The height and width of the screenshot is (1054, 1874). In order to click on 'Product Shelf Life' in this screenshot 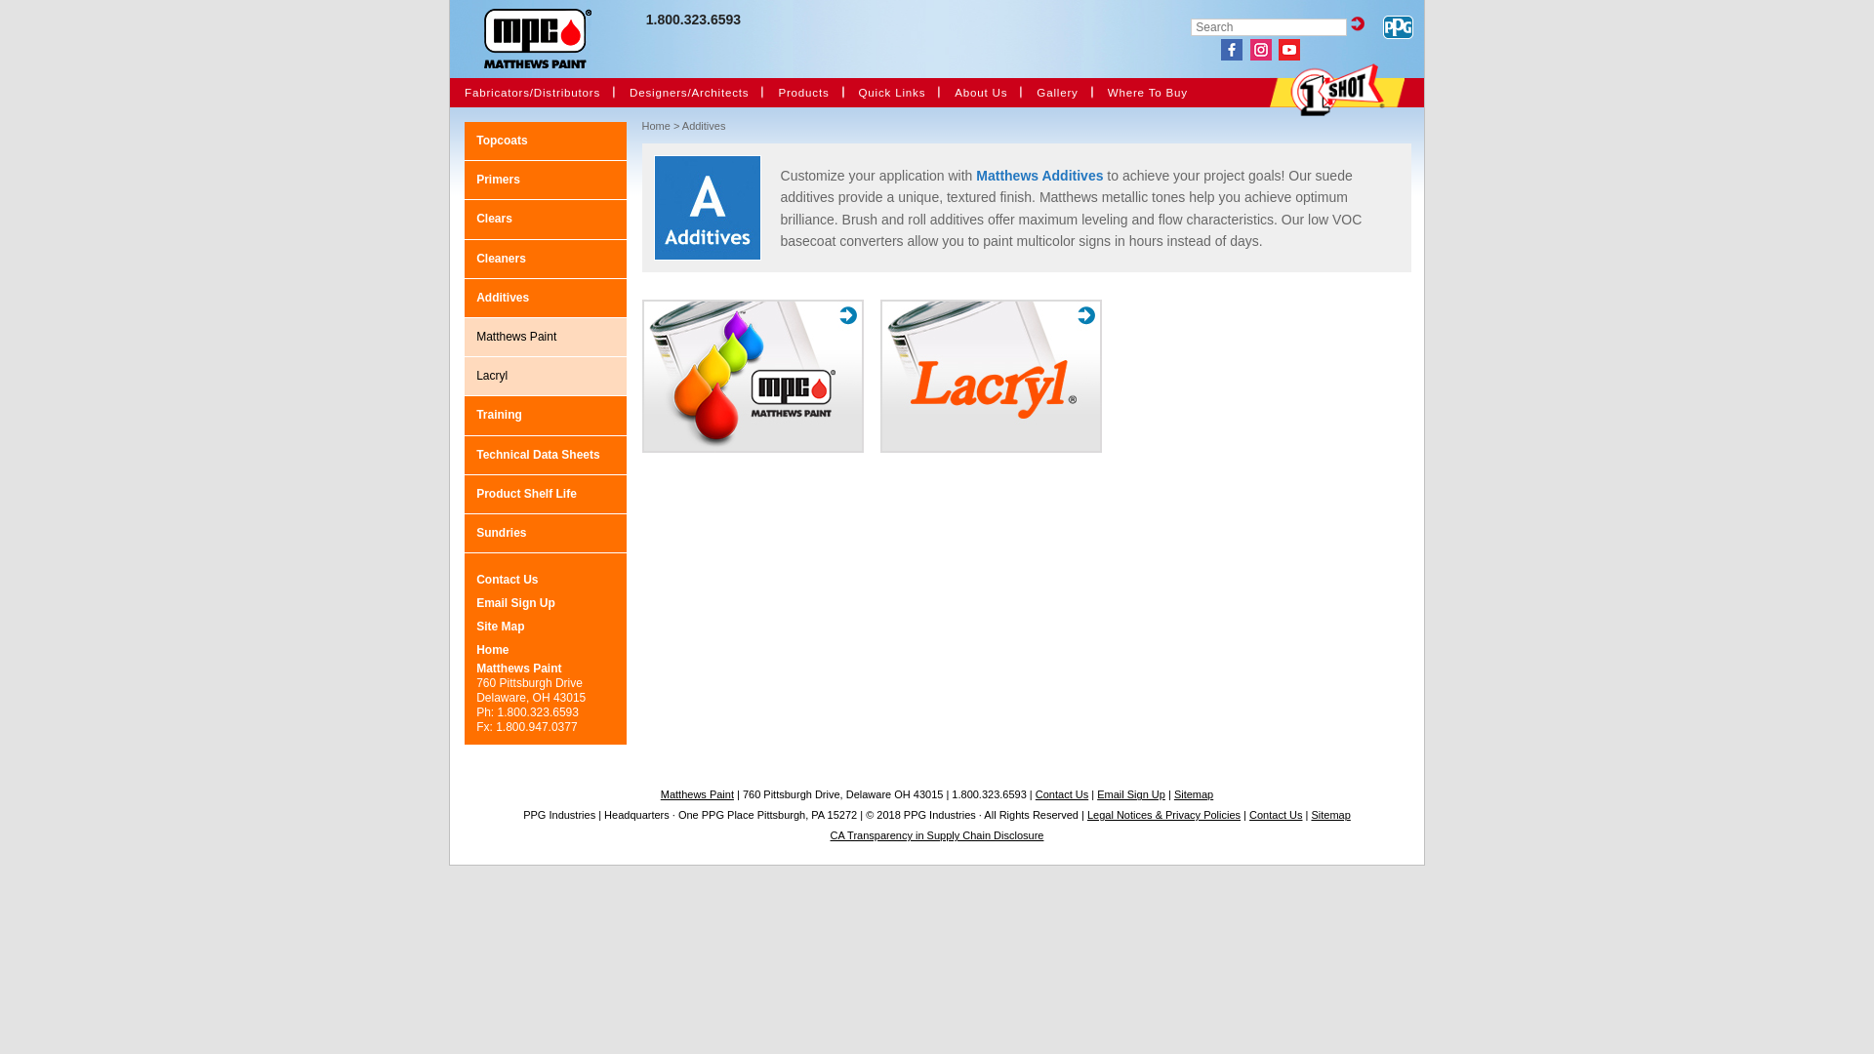, I will do `click(476, 492)`.